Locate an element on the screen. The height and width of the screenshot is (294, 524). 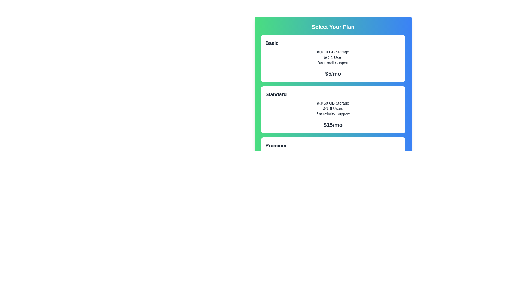
the Text Label displaying '• Priority Support', which is the third item in the vertically-stacked list within the 'Standard' plan card is located at coordinates (333, 114).